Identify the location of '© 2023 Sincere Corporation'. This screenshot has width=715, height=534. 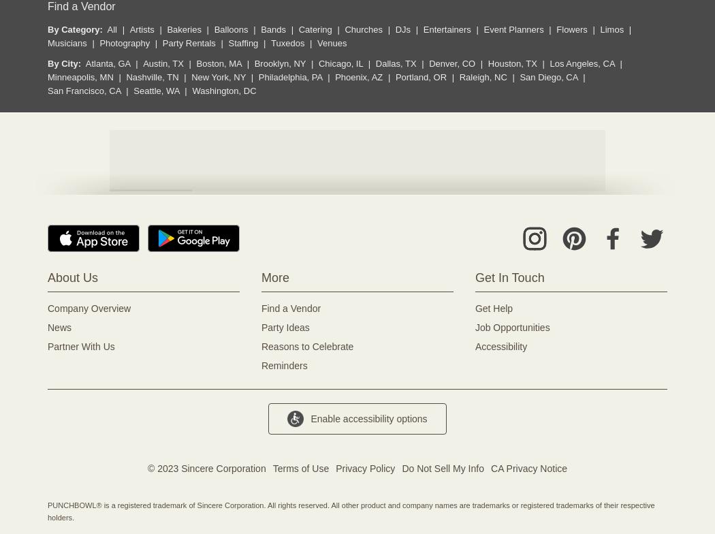
(206, 469).